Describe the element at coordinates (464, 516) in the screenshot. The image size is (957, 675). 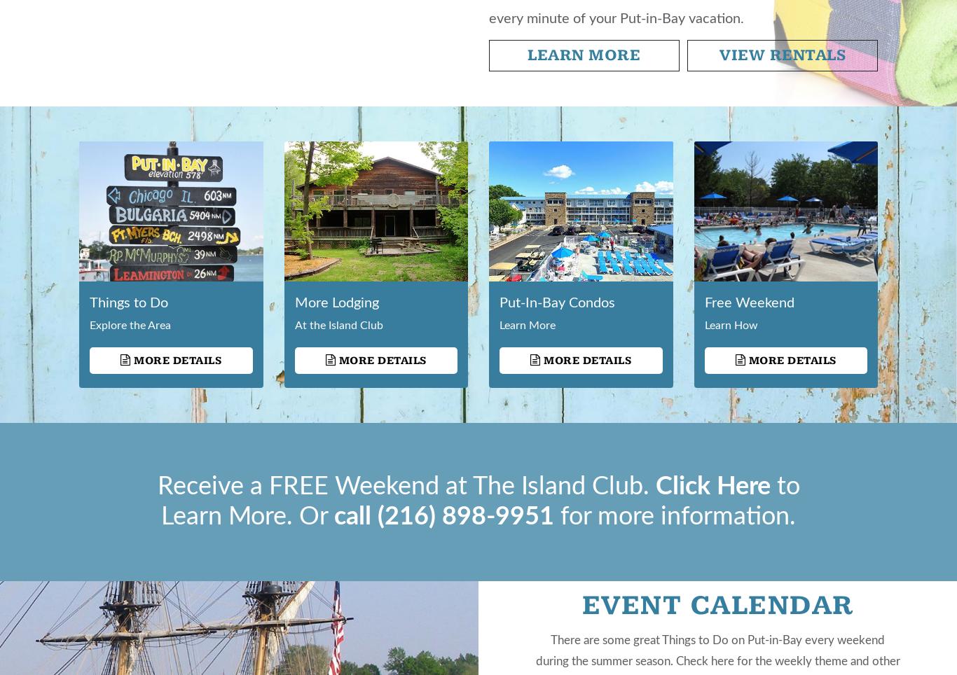
I see `'(216) 898-9951'` at that location.